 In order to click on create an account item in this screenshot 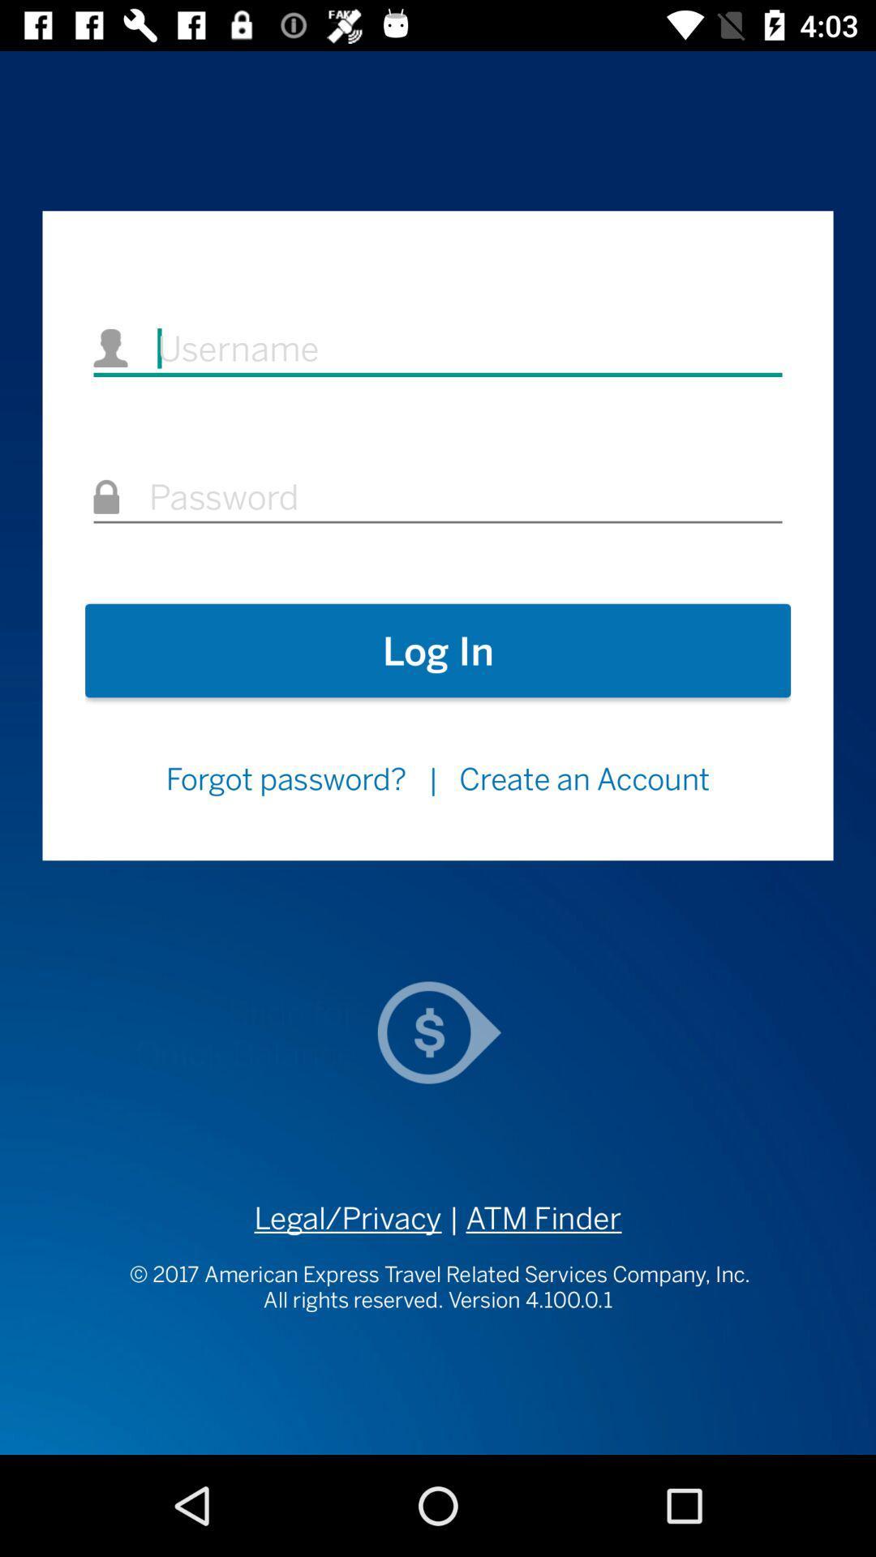, I will do `click(585, 778)`.